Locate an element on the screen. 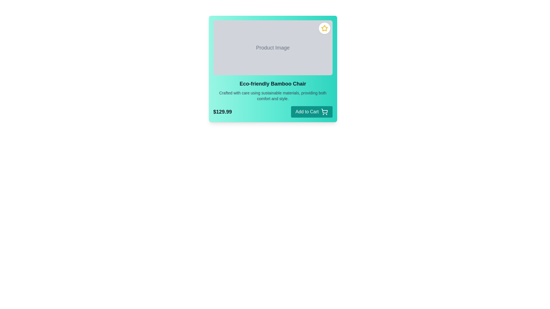  the shopping cart icon located to the right of the 'Add to Cart' text is located at coordinates (324, 112).